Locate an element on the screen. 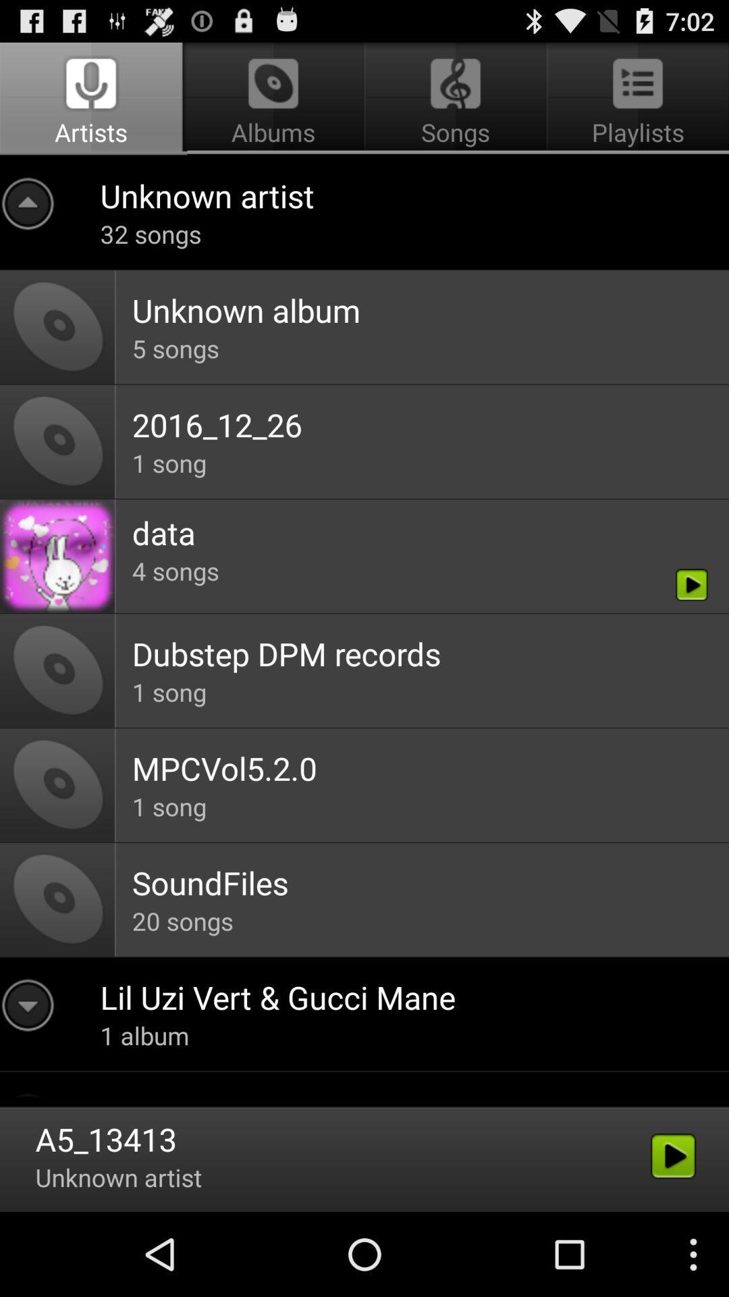 The image size is (729, 1297). the button which is next to the songs is located at coordinates (635, 99).